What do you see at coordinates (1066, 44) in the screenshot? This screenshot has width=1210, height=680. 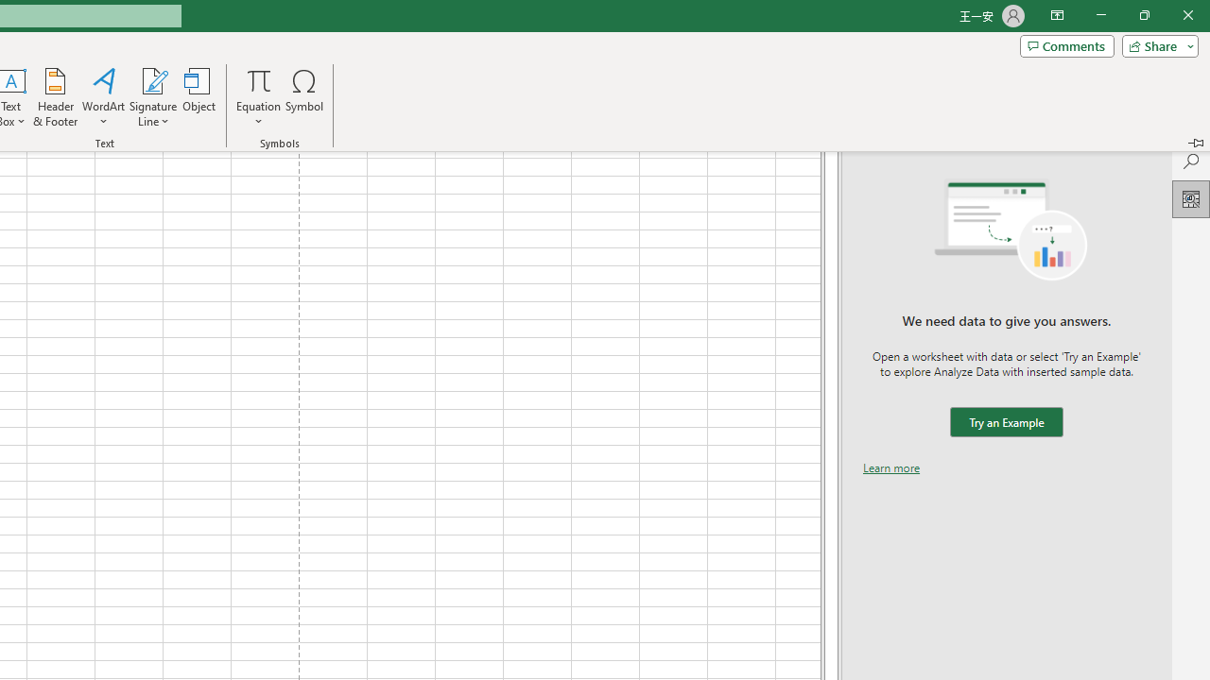 I see `'Comments'` at bounding box center [1066, 44].